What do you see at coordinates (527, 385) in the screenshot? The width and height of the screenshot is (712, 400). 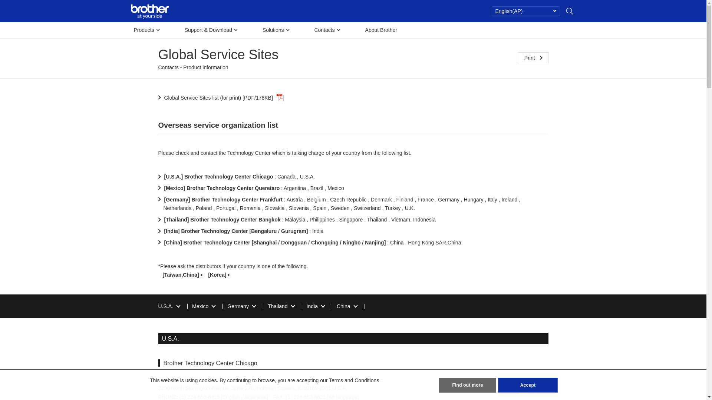 I see `'Accept'` at bounding box center [527, 385].